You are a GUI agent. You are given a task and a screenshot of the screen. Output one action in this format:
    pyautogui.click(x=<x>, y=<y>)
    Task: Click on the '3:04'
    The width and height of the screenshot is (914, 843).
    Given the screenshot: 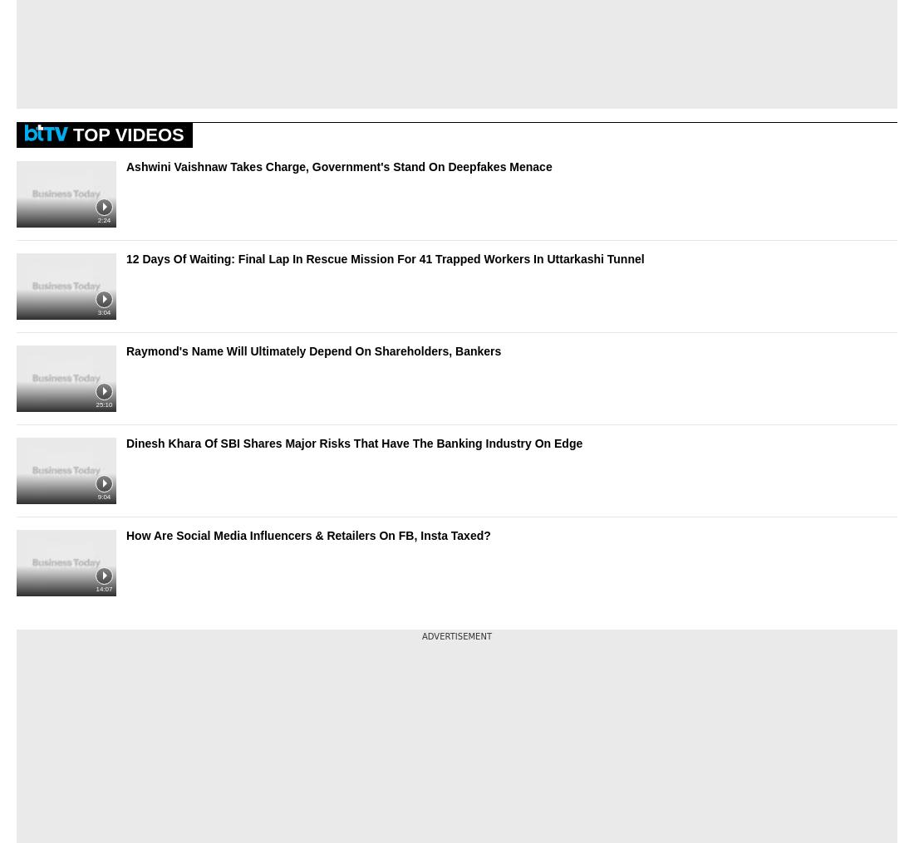 What is the action you would take?
    pyautogui.click(x=103, y=311)
    